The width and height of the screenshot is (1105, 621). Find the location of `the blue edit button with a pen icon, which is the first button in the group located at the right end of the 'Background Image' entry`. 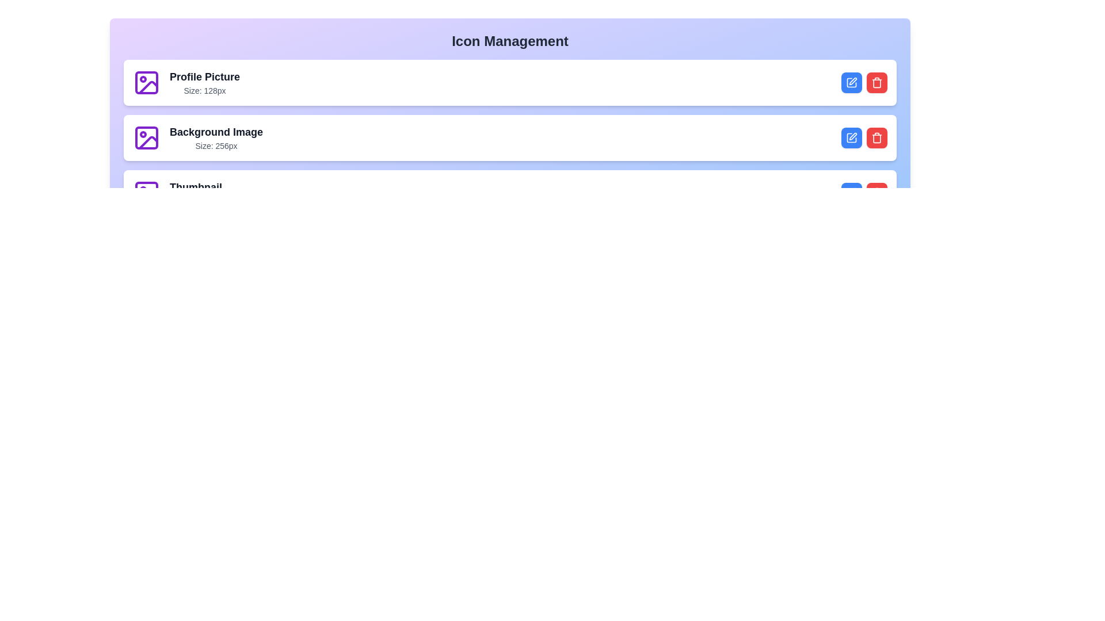

the blue edit button with a pen icon, which is the first button in the group located at the right end of the 'Background Image' entry is located at coordinates (851, 137).